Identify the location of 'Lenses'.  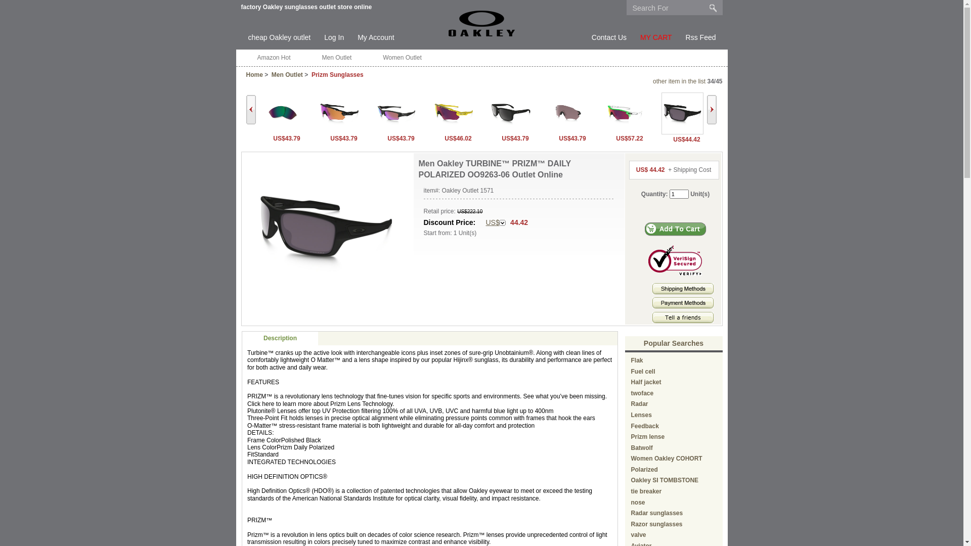
(641, 415).